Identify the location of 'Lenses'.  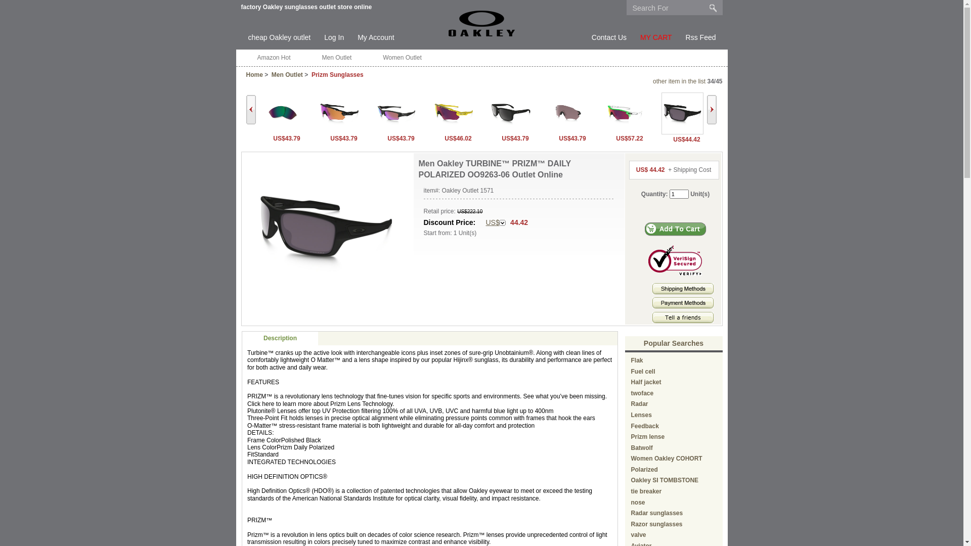
(641, 415).